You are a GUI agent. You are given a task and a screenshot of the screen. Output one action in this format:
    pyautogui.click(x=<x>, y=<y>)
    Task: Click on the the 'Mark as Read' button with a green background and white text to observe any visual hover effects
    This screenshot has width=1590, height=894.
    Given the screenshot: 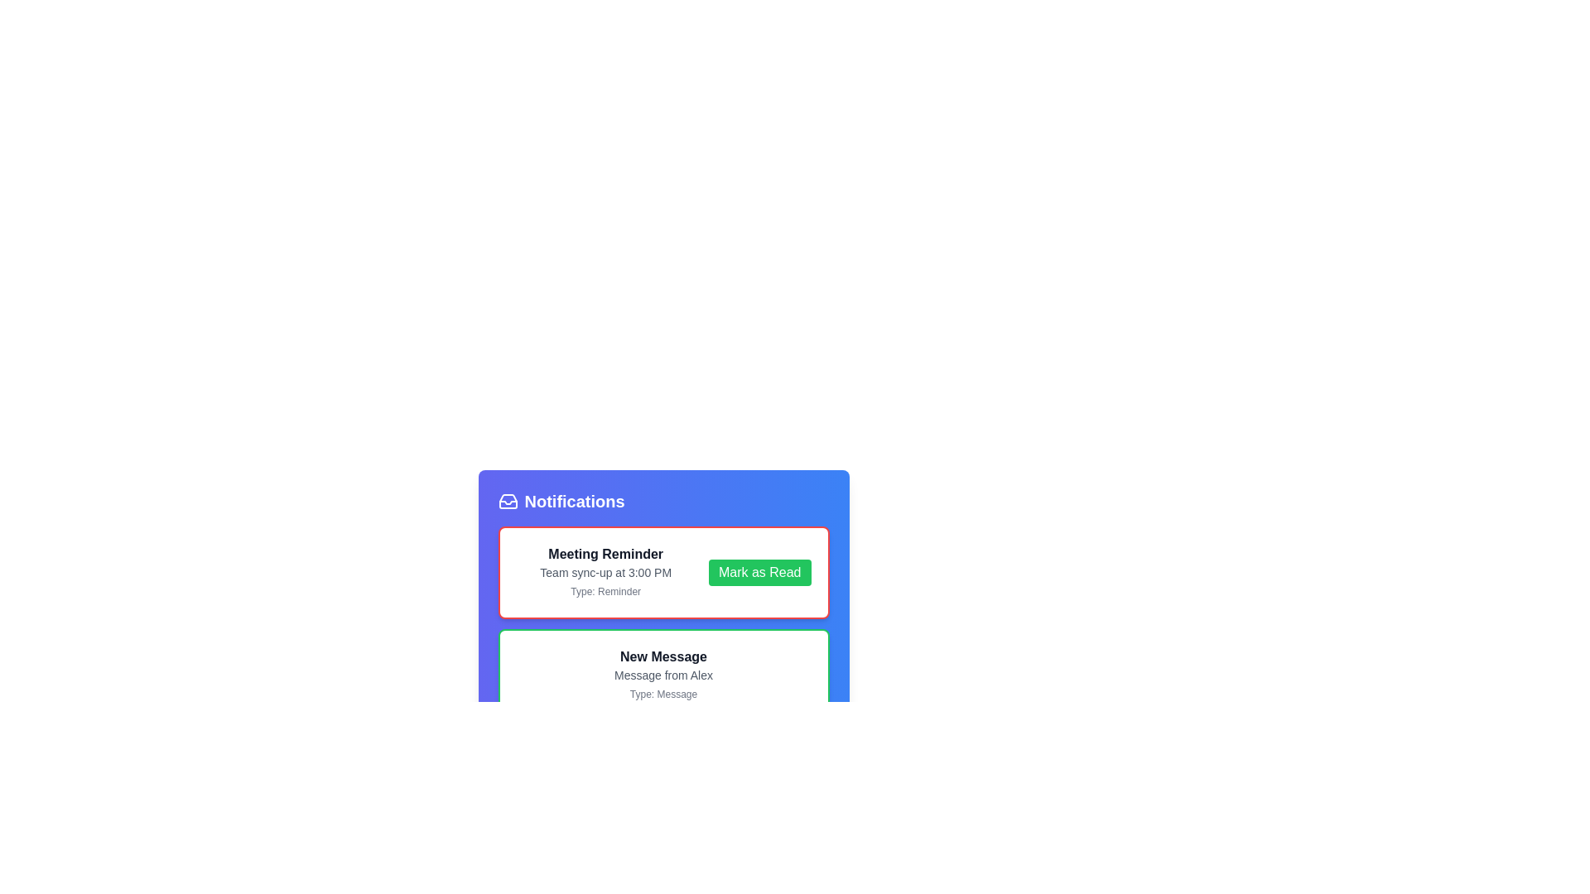 What is the action you would take?
    pyautogui.click(x=759, y=571)
    